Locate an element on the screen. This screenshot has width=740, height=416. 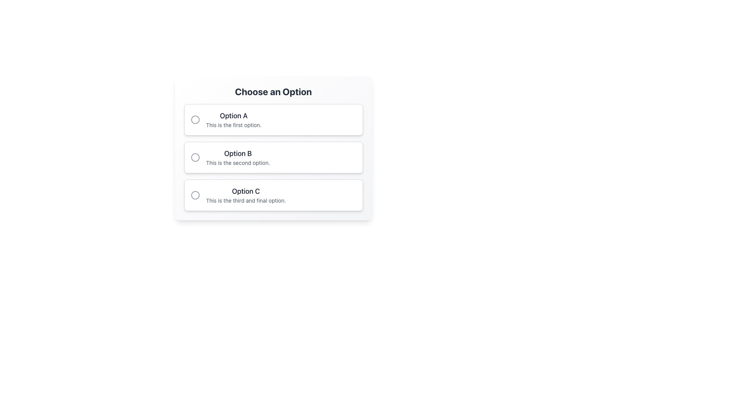
the descriptive text for 'Option C' located inside the 'Choose an Option' selection panel, which provides additional information about the option is located at coordinates (246, 200).